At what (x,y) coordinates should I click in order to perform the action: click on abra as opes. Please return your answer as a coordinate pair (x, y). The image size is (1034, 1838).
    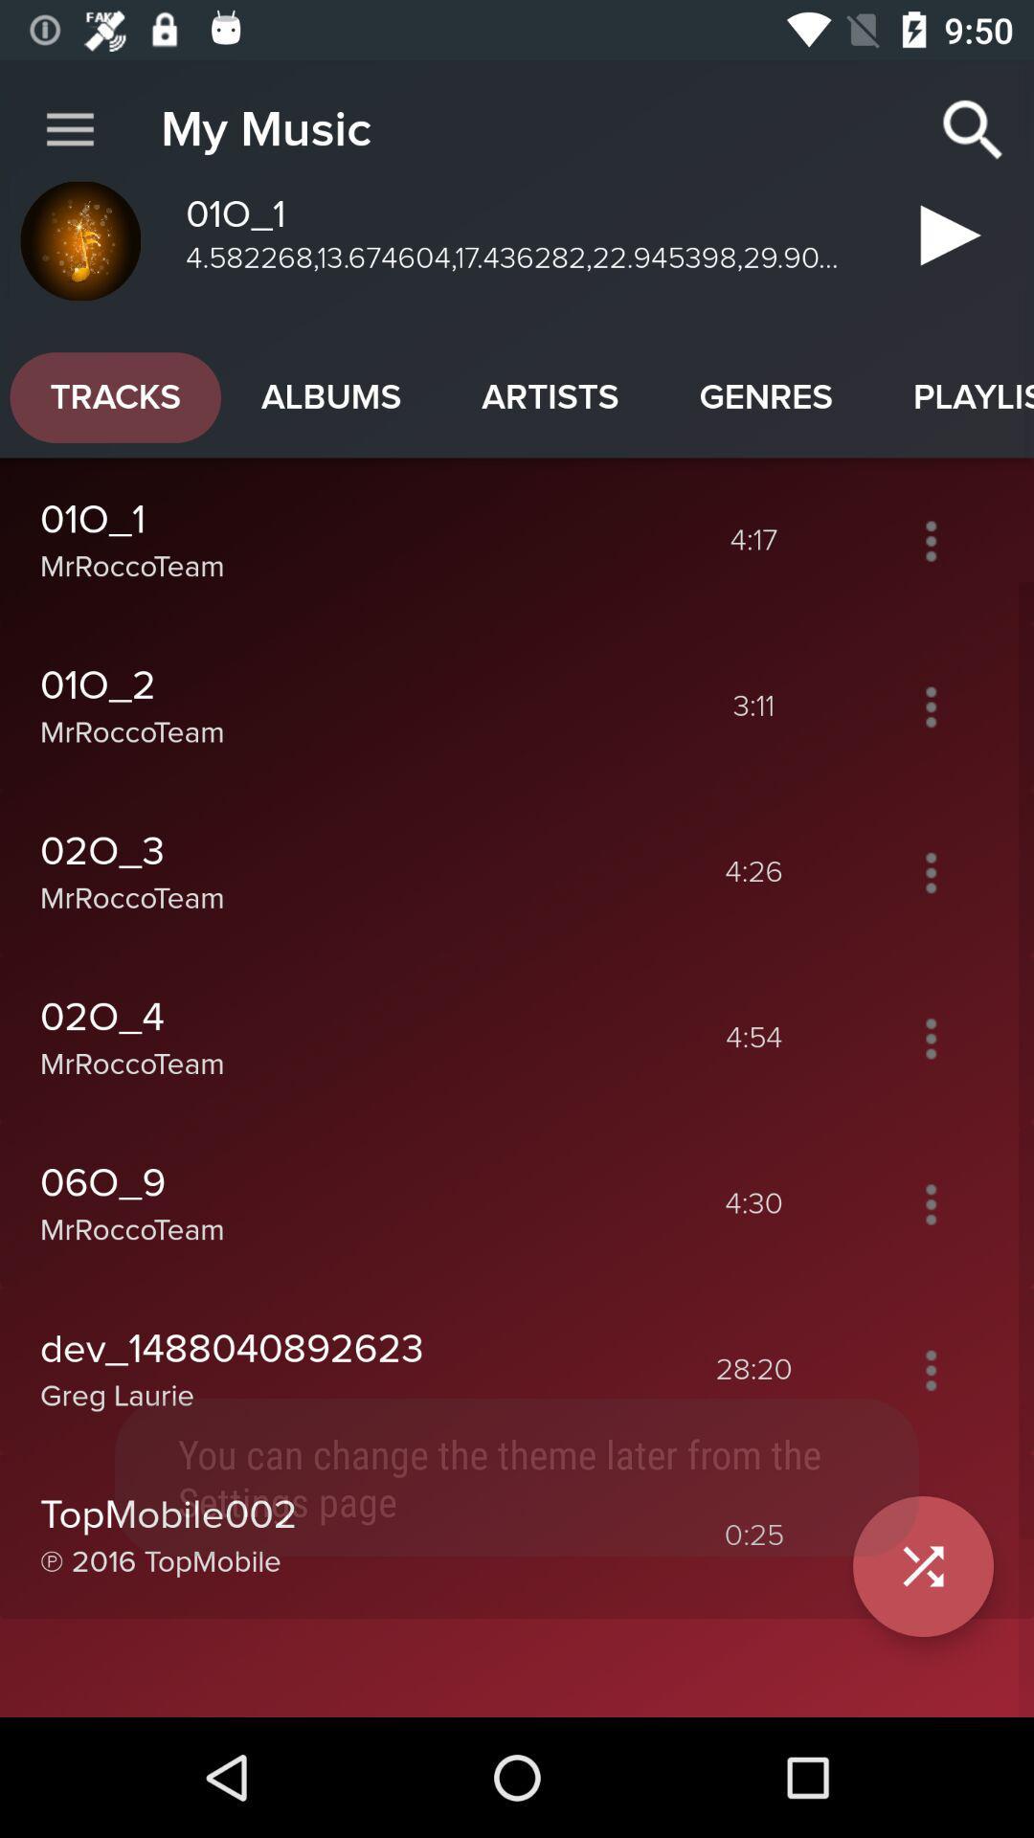
    Looking at the image, I should click on (930, 706).